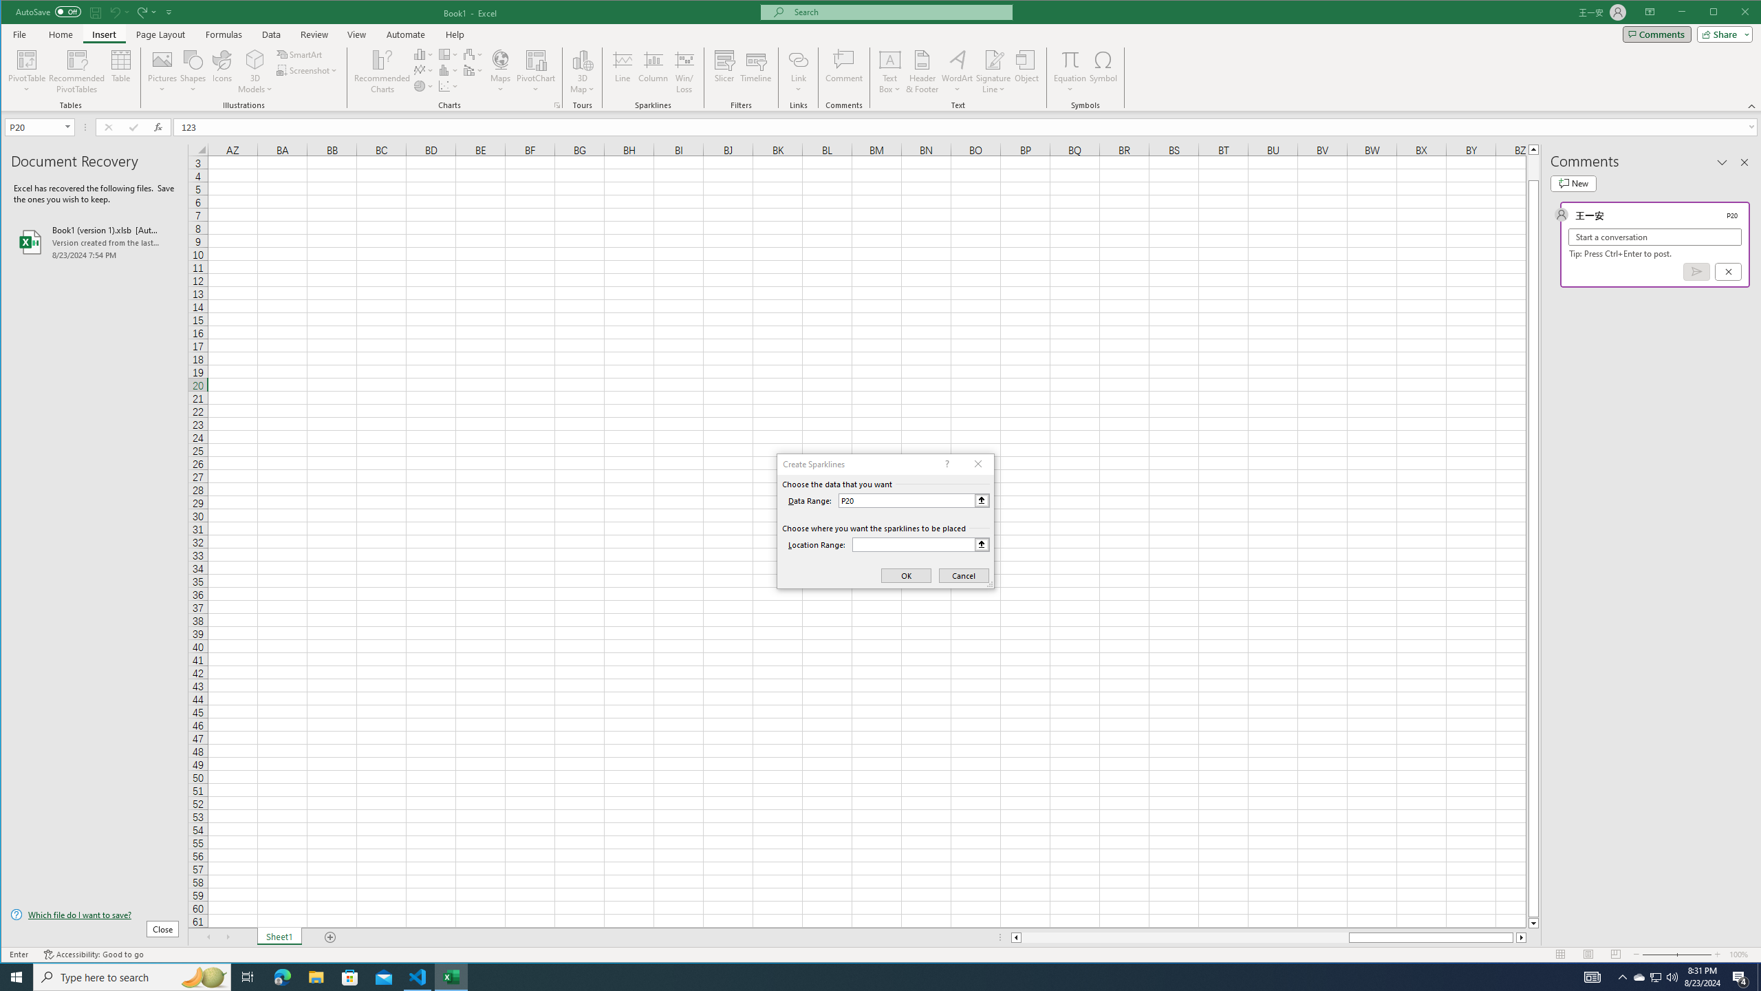 This screenshot has width=1761, height=991. What do you see at coordinates (300, 54) in the screenshot?
I see `'SmartArt...'` at bounding box center [300, 54].